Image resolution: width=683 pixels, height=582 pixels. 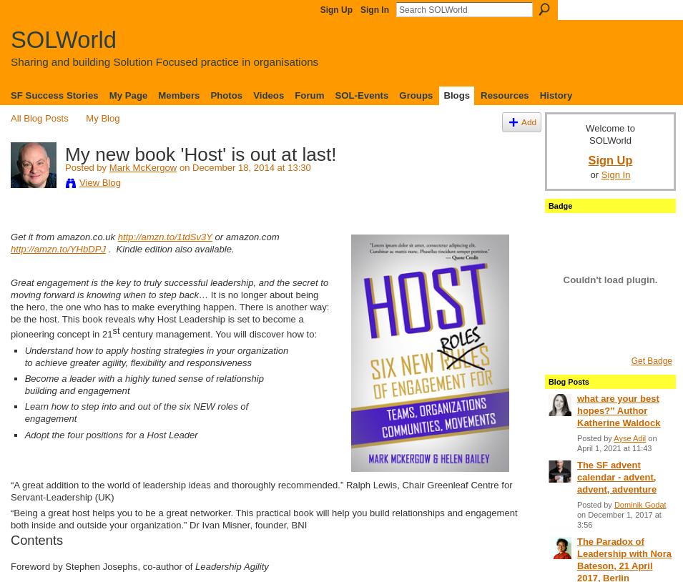 What do you see at coordinates (590, 174) in the screenshot?
I see `'or'` at bounding box center [590, 174].